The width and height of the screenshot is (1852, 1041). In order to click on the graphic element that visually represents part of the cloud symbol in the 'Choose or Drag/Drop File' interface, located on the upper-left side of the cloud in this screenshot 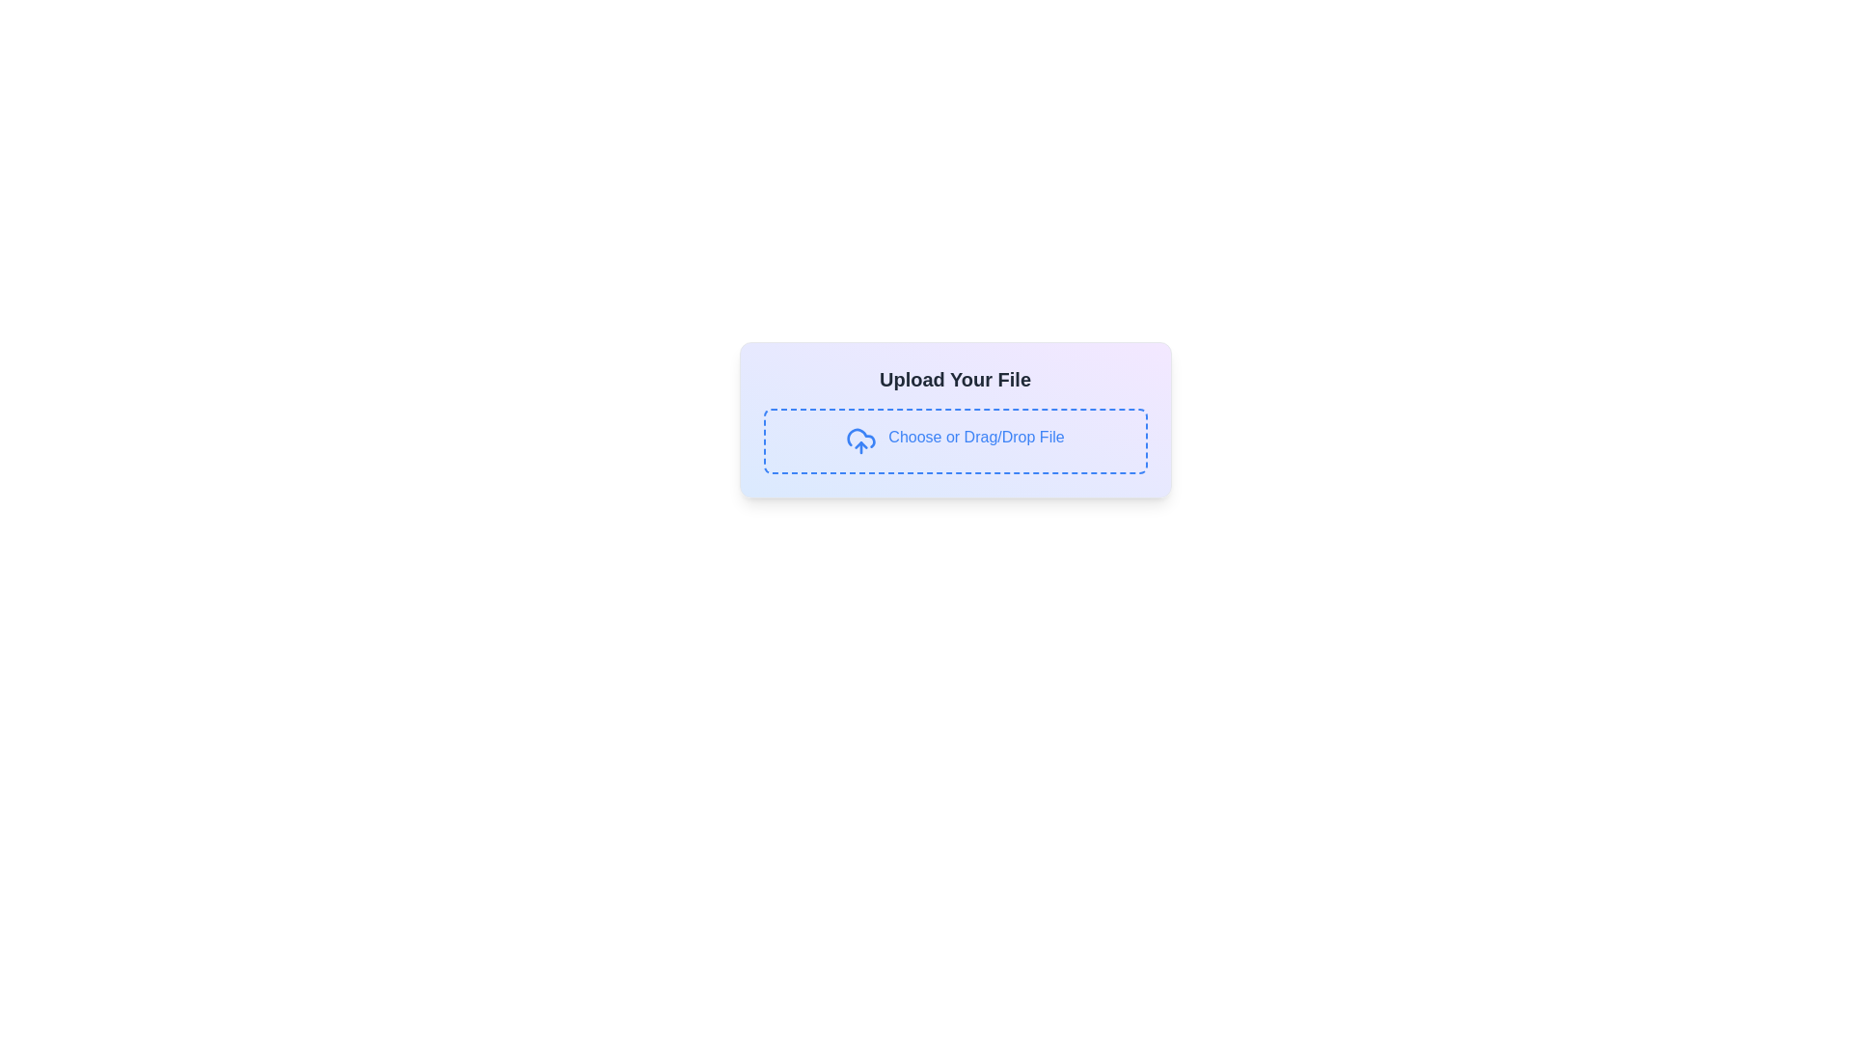, I will do `click(860, 438)`.